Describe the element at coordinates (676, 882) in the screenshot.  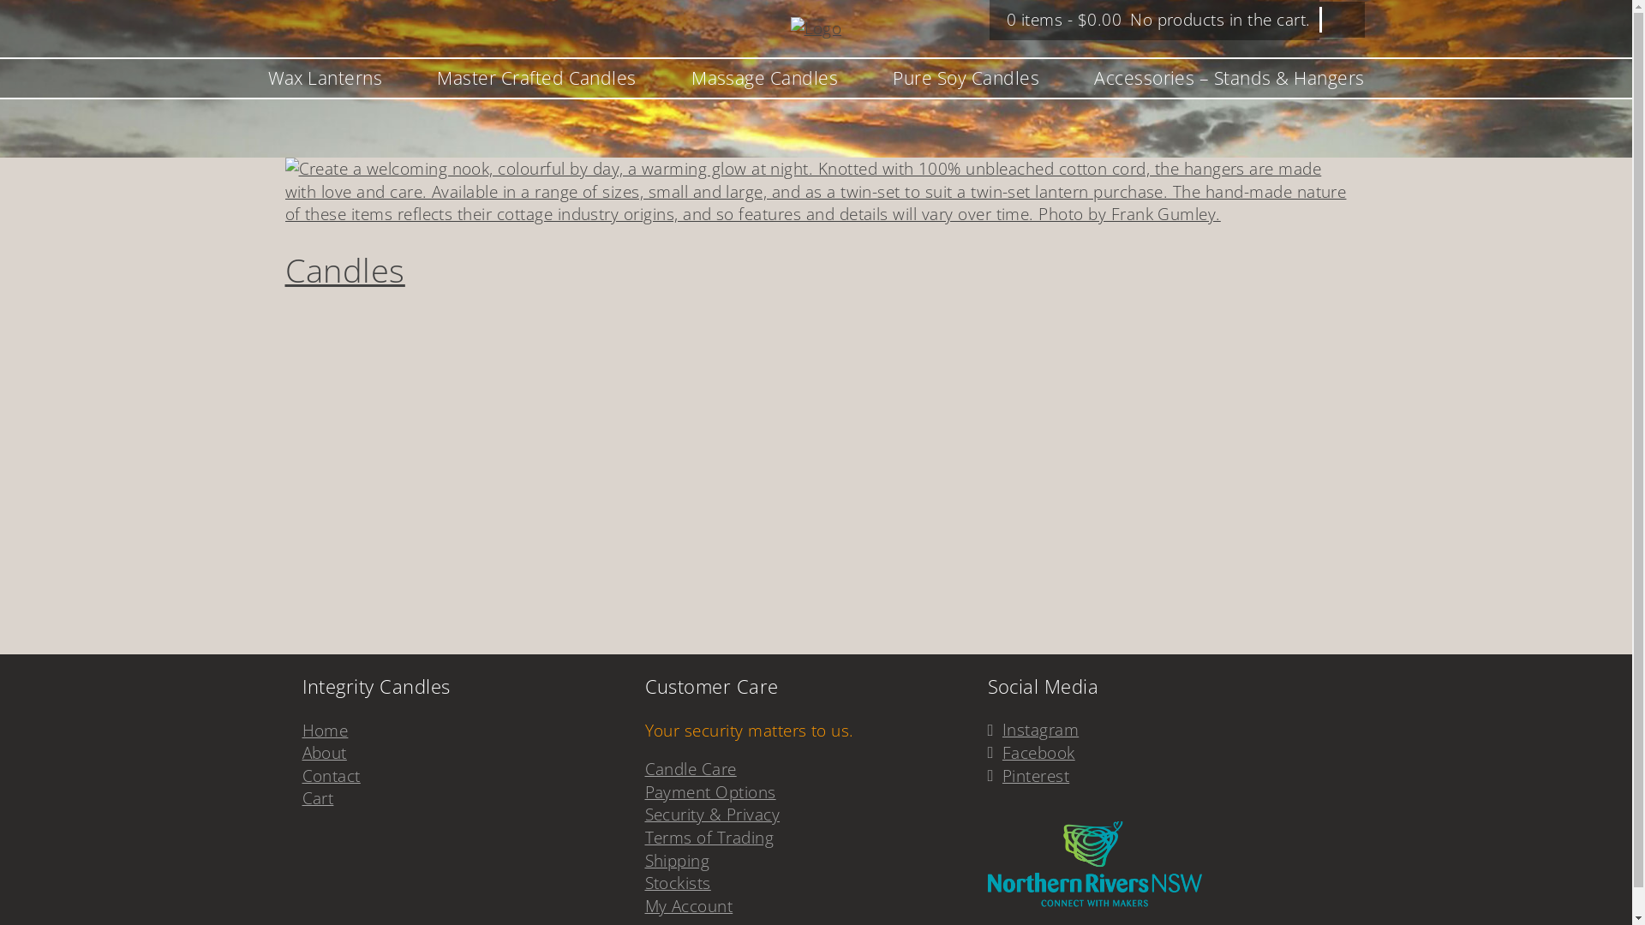
I see `'Stockists'` at that location.